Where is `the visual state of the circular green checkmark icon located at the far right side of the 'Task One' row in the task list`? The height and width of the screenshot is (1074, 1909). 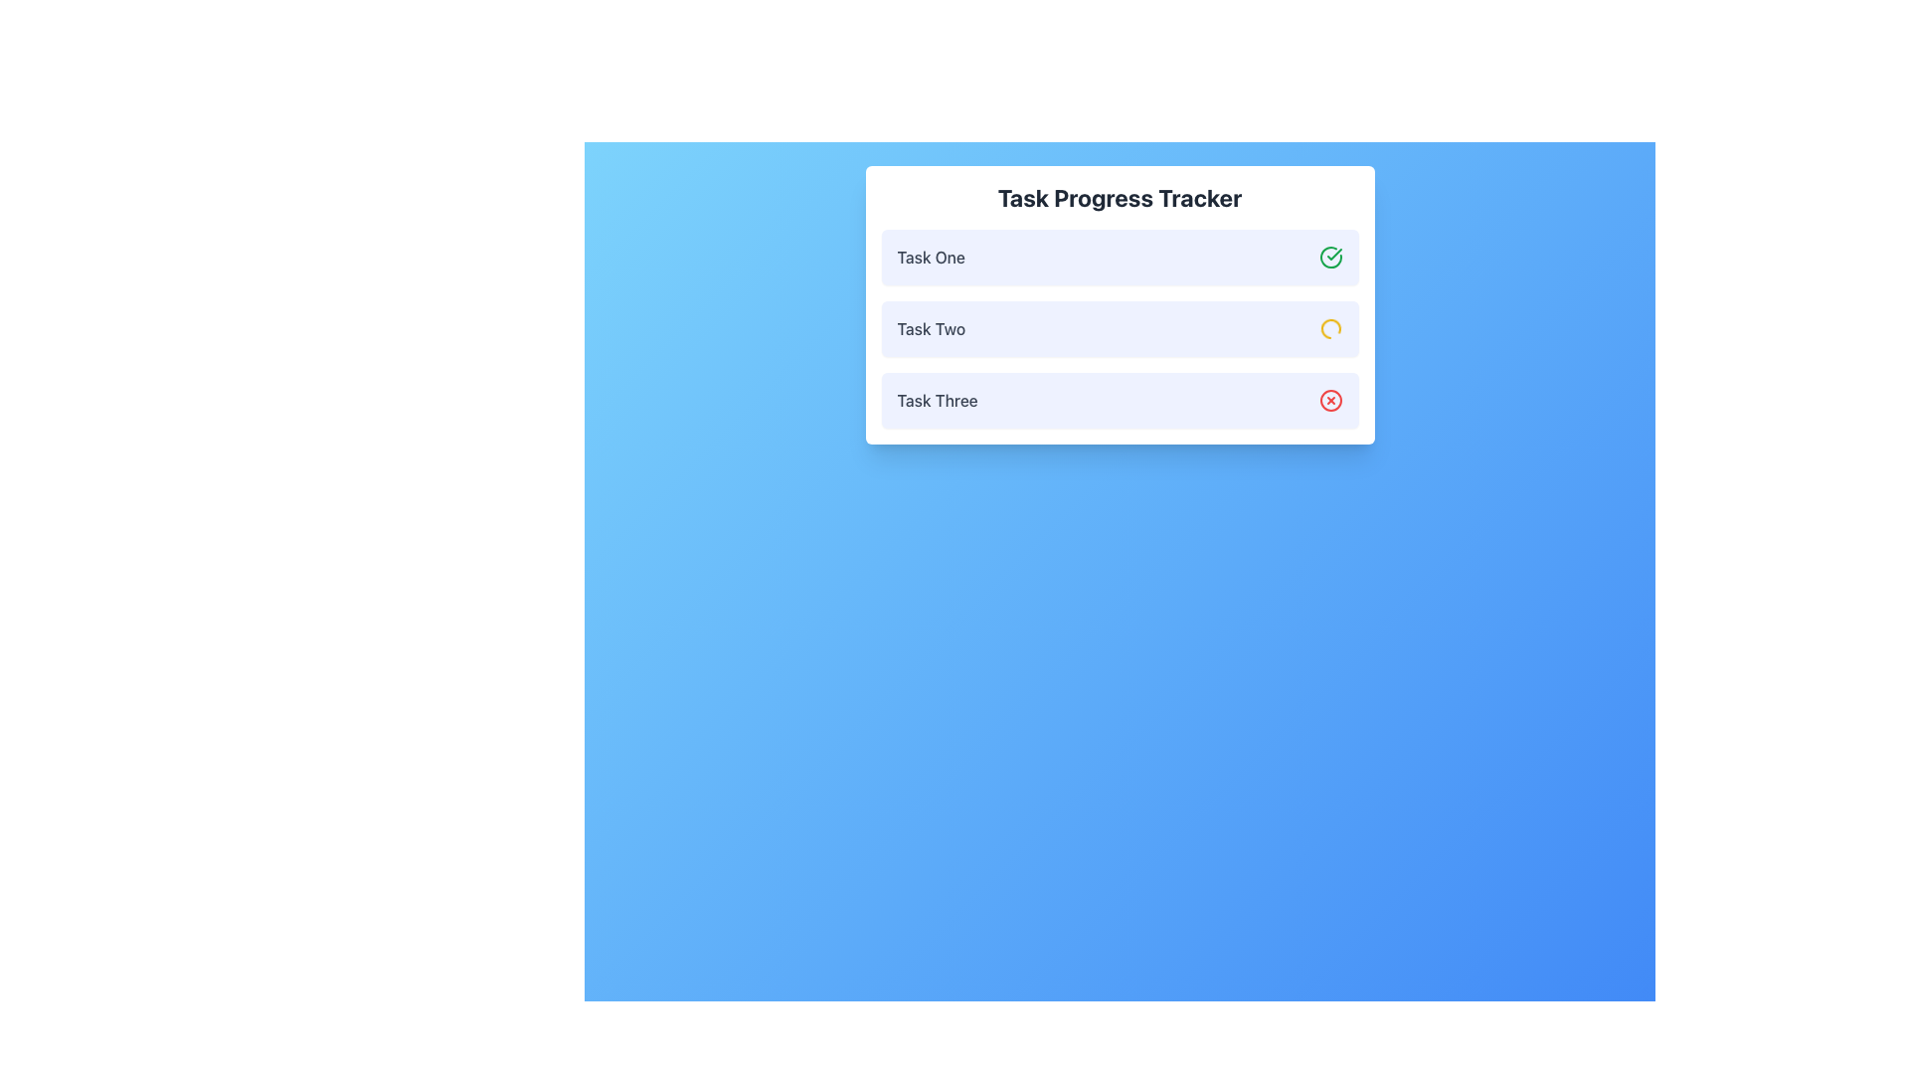 the visual state of the circular green checkmark icon located at the far right side of the 'Task One' row in the task list is located at coordinates (1330, 256).